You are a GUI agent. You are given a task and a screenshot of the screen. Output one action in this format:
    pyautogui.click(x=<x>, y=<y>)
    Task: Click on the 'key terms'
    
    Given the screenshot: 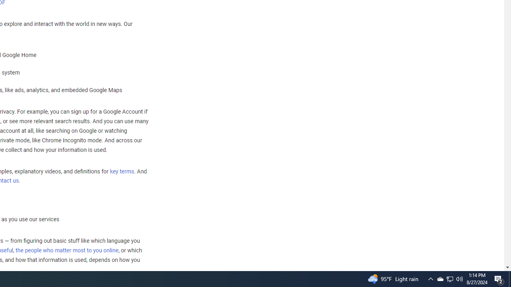 What is the action you would take?
    pyautogui.click(x=121, y=171)
    